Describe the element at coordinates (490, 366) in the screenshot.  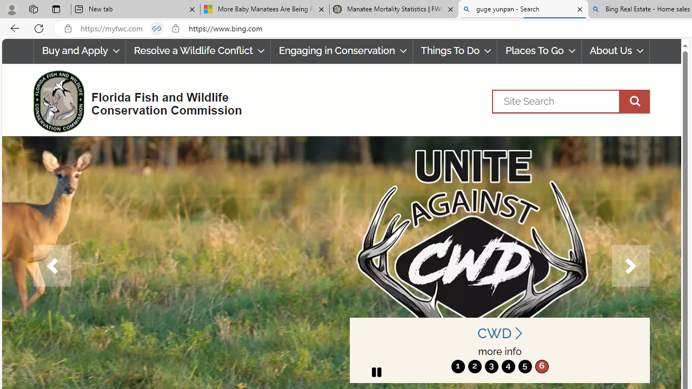
I see `'move to slide 3'` at that location.